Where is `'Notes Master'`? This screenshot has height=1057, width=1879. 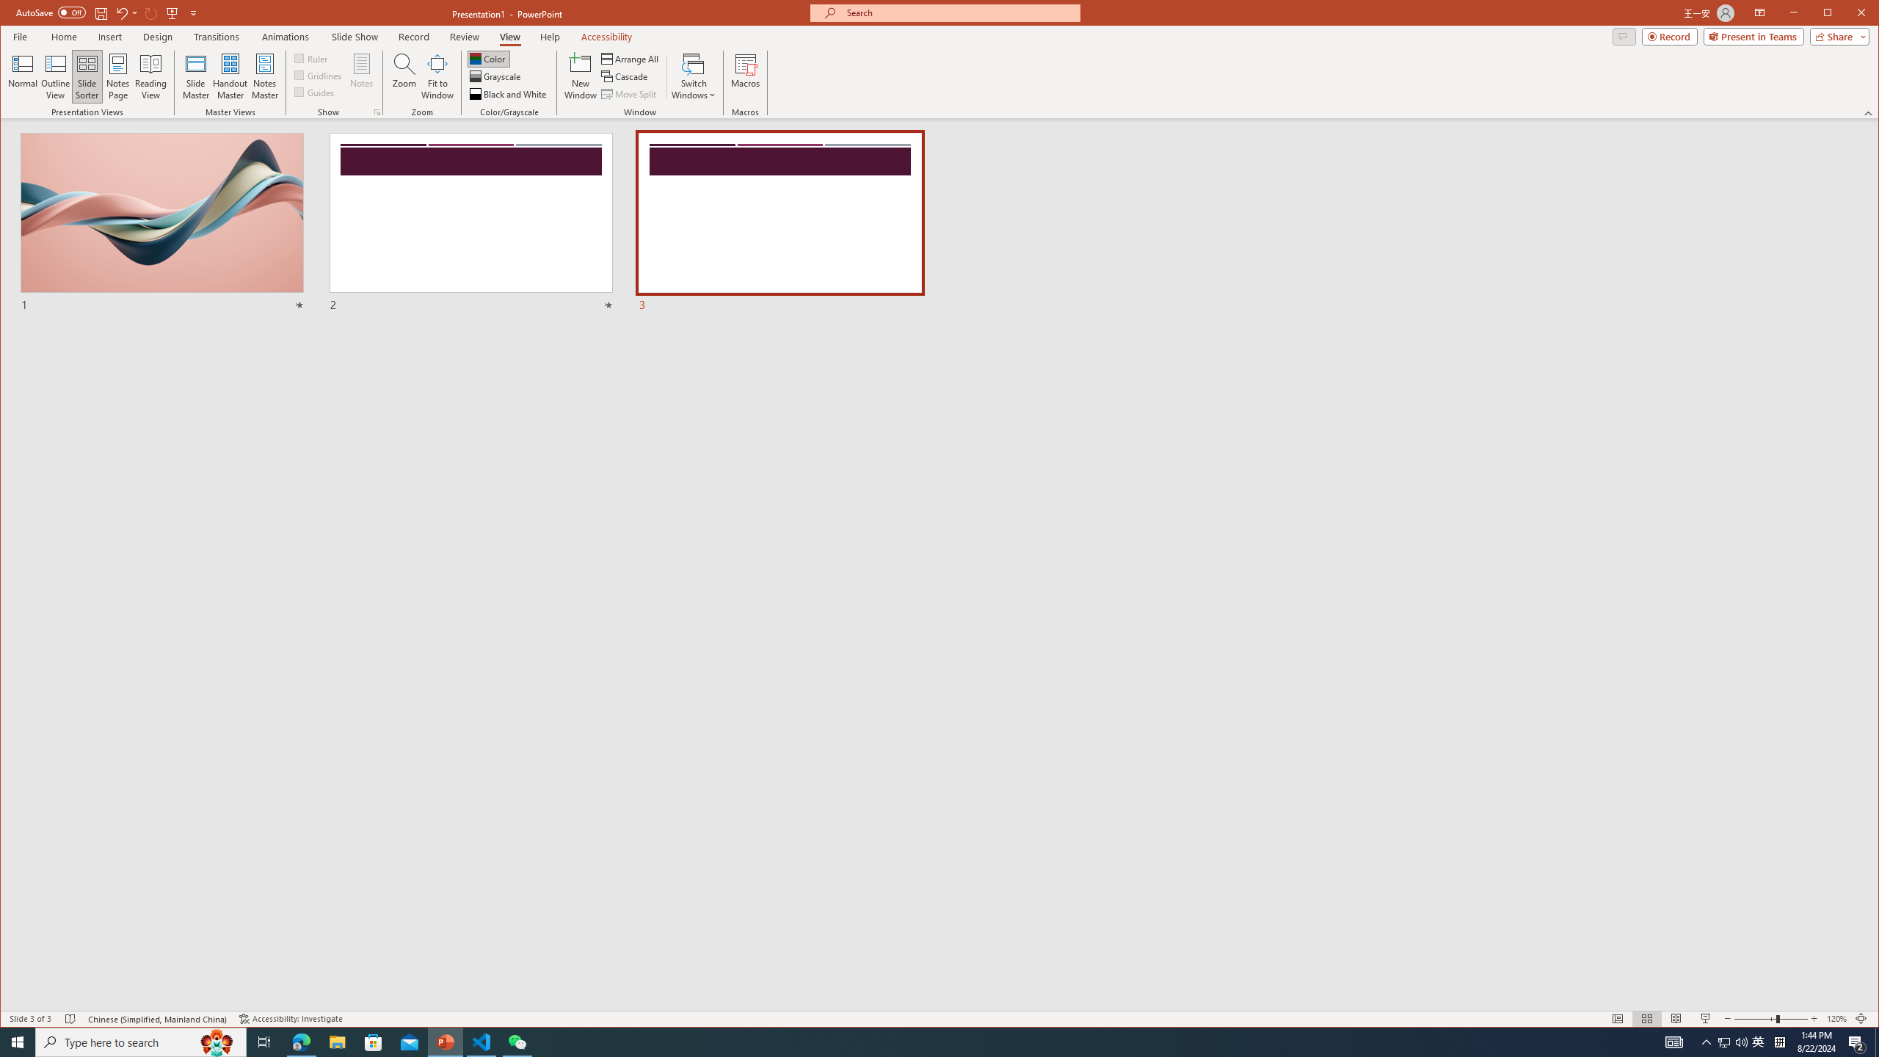
'Notes Master' is located at coordinates (264, 76).